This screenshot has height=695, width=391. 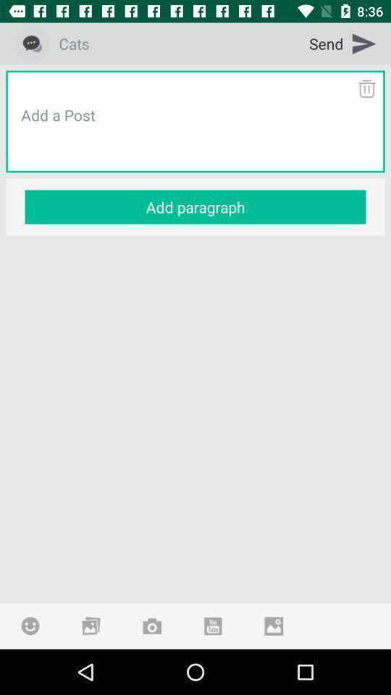 I want to click on take a photo, so click(x=151, y=625).